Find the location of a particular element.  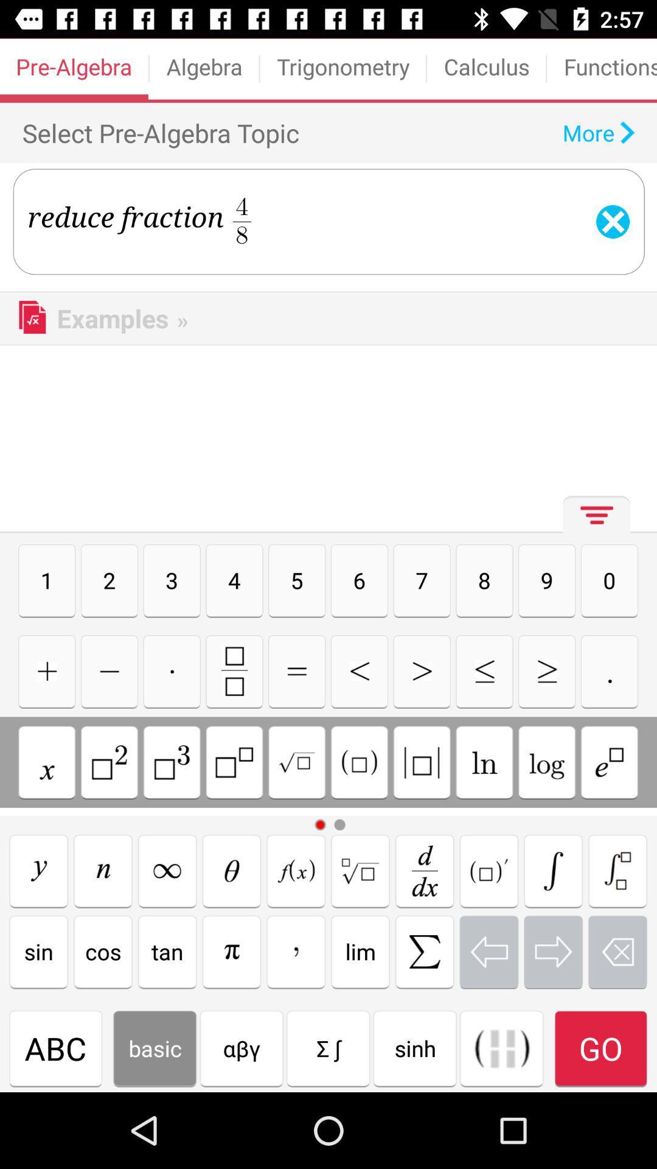

the navigation icon is located at coordinates (232, 870).